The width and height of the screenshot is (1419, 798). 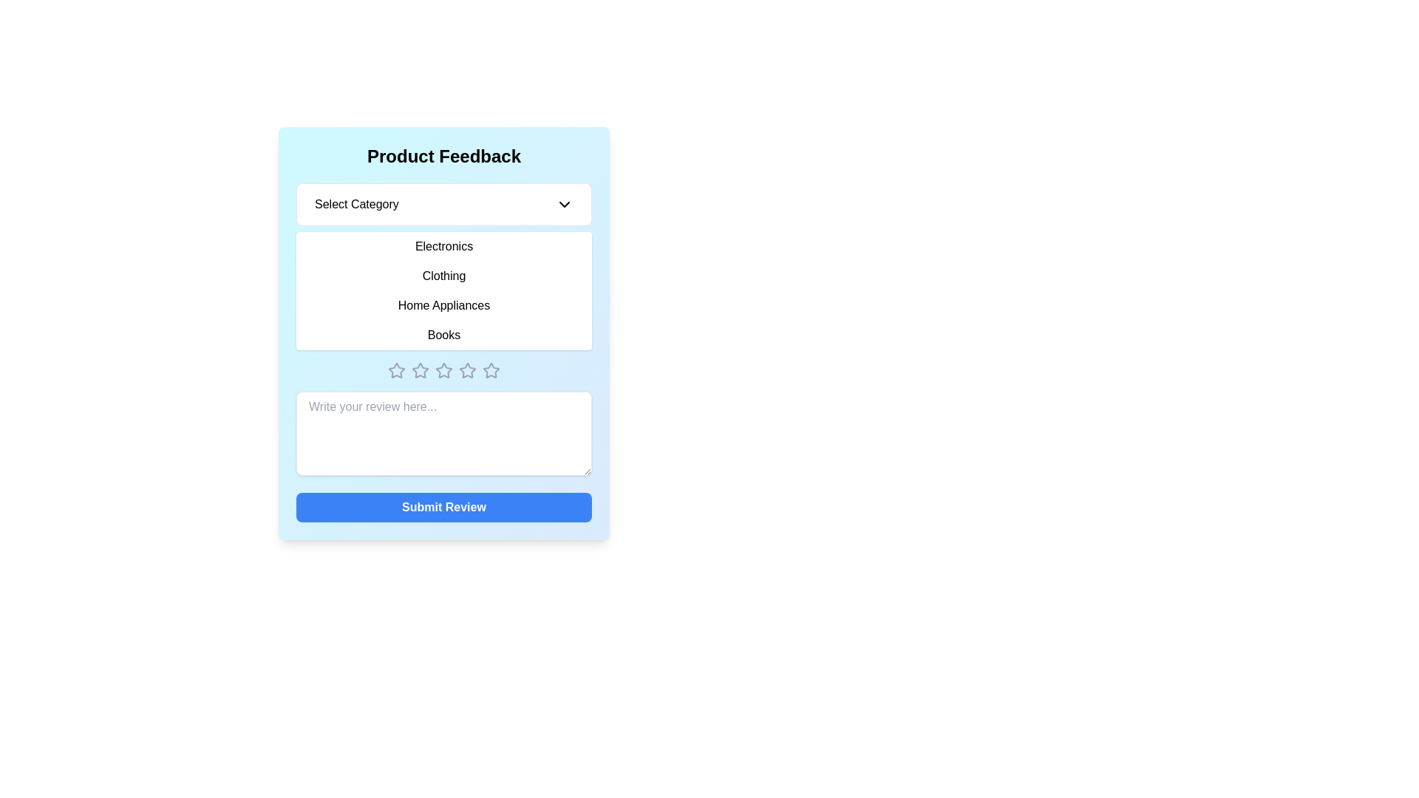 What do you see at coordinates (420, 369) in the screenshot?
I see `the second star-shaped vector icon in the star rating element, which is styled in gray and positioned among five identical stars` at bounding box center [420, 369].